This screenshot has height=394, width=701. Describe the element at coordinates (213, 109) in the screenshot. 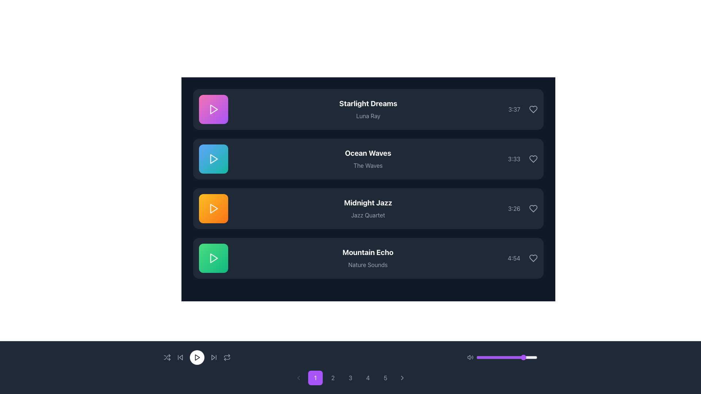

I see `the square button with rounded corners, featuring a gradient background from pink to purple and a white play icon at its center, to play the song 'Starlight Dreams' by Luna Ray` at that location.